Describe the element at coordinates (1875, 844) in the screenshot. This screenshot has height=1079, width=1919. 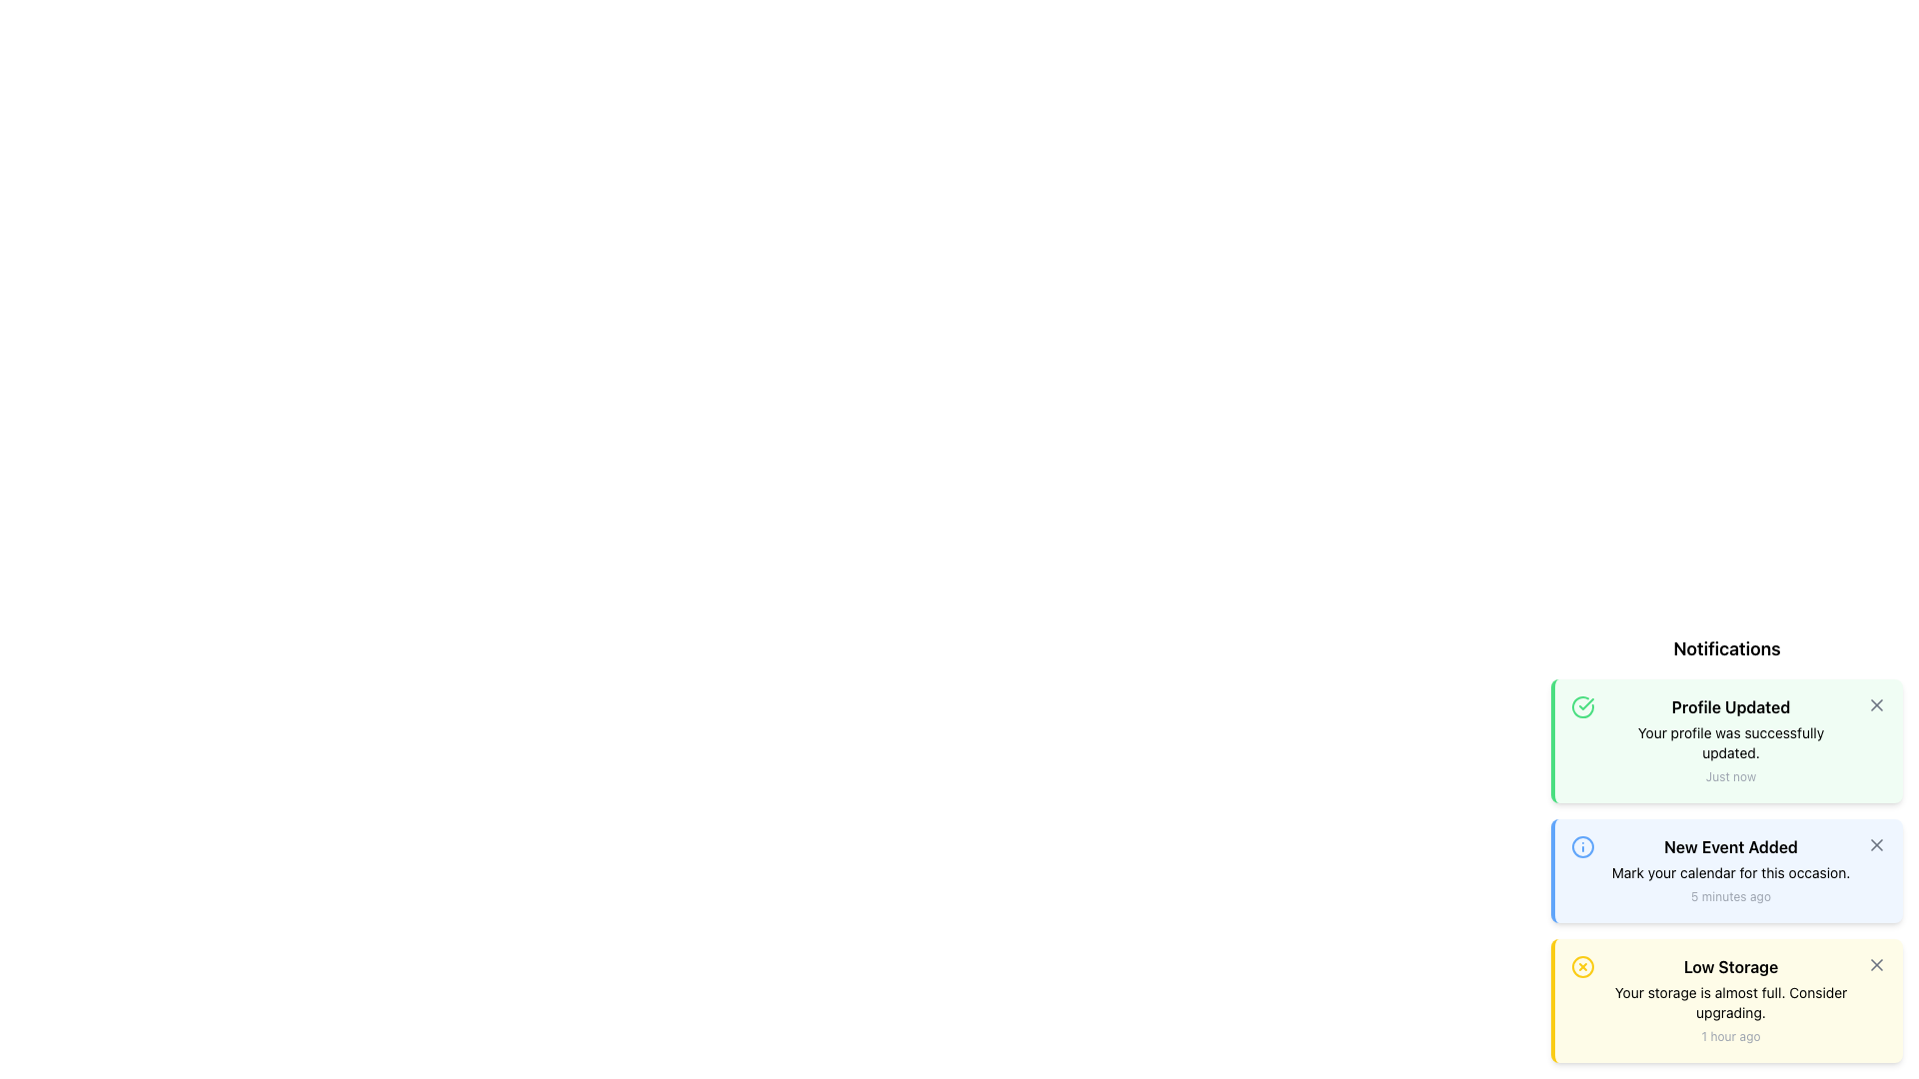
I see `the dismiss button, which is a small gray 'X' icon located in the top-right corner of the 'New Event Added' notification card` at that location.